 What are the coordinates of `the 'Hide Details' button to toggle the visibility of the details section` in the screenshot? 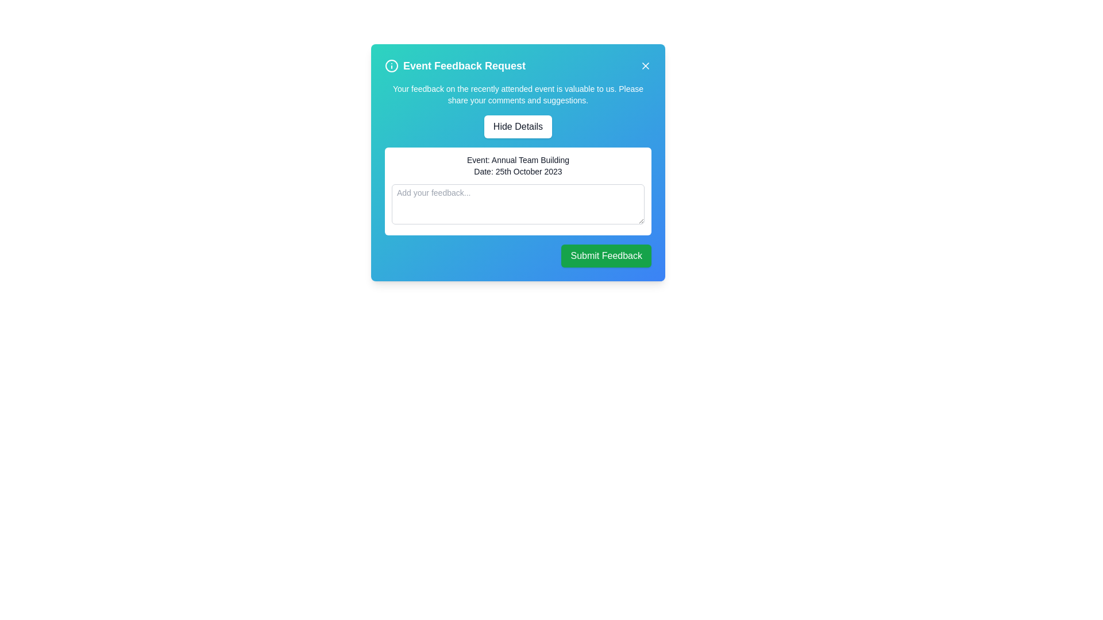 It's located at (518, 126).